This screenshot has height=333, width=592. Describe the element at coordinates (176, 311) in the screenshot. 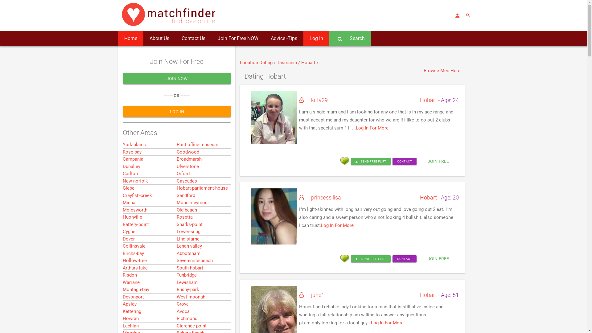

I see `'Avoca'` at that location.